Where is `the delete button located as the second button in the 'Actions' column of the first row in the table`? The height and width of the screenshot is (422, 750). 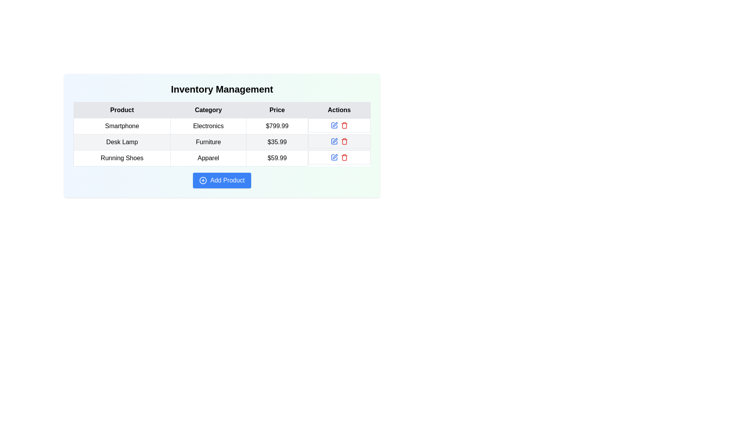
the delete button located as the second button in the 'Actions' column of the first row in the table is located at coordinates (344, 125).